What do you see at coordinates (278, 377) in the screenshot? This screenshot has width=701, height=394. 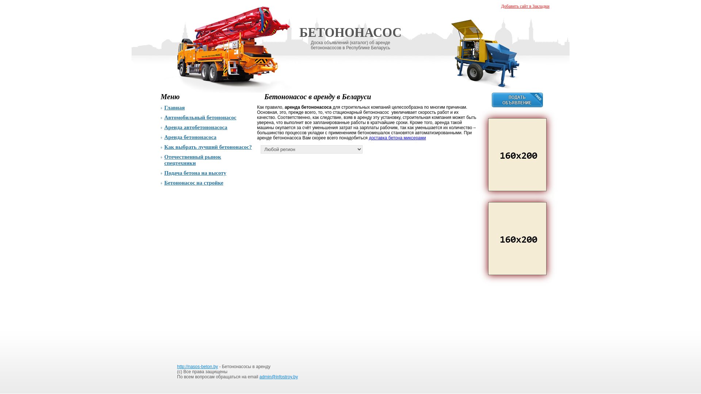 I see `'admin@infostroy.by'` at bounding box center [278, 377].